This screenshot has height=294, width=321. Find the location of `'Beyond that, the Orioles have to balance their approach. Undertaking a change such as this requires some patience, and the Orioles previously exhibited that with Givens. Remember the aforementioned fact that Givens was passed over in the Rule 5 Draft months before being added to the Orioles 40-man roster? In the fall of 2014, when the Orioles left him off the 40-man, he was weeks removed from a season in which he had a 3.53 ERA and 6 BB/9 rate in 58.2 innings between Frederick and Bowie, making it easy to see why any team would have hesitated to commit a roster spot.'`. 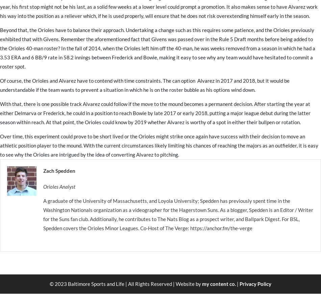

'Beyond that, the Orioles have to balance their approach. Undertaking a change such as this requires some patience, and the Orioles previously exhibited that with Givens. Remember the aforementioned fact that Givens was passed over in the Rule 5 Draft months before being added to the Orioles 40-man roster? In the fall of 2014, when the Orioles left him off the 40-man, he was weeks removed from a season in which he had a 3.53 ERA and 6 BB/9 rate in 58.2 innings between Frederick and Bowie, making it easy to see why any team would have hesitated to commit a roster spot.' is located at coordinates (157, 48).